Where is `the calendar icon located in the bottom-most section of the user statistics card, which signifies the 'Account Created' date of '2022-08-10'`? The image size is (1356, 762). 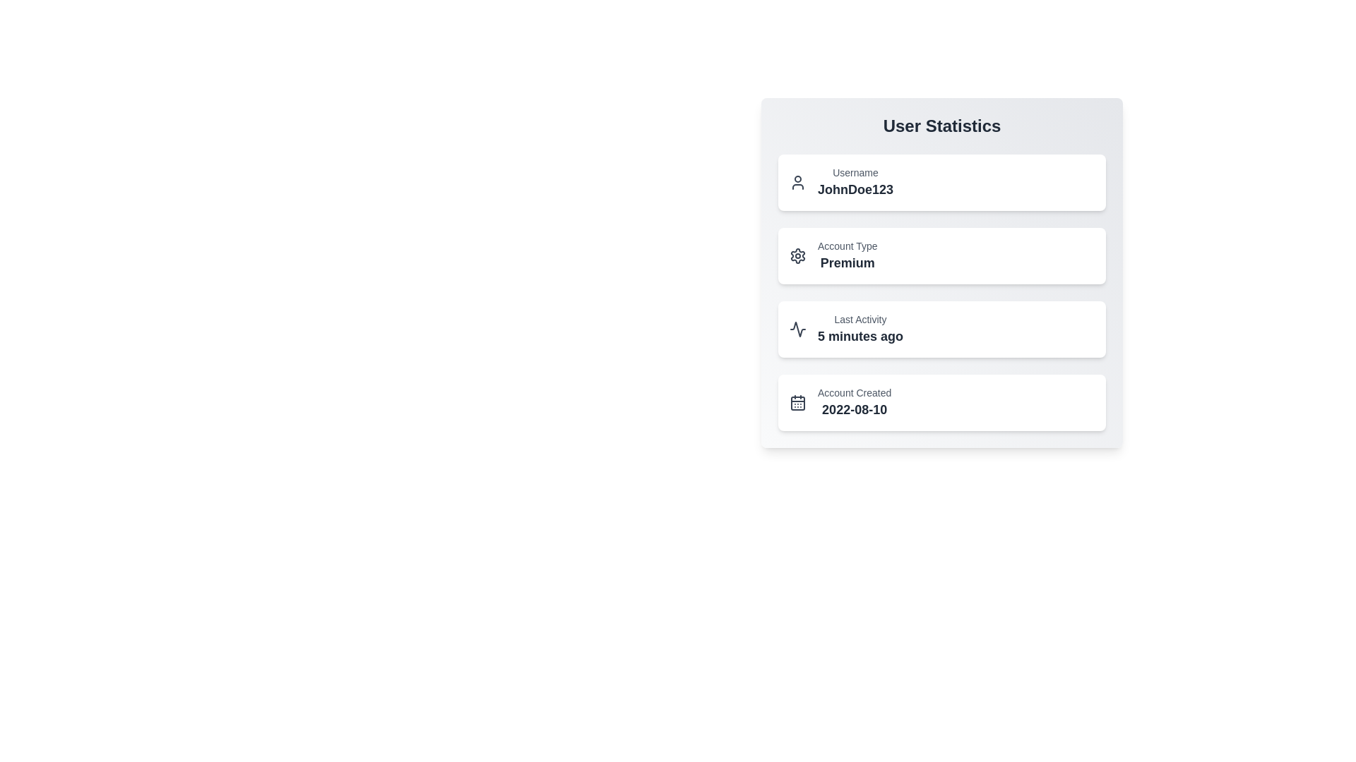 the calendar icon located in the bottom-most section of the user statistics card, which signifies the 'Account Created' date of '2022-08-10' is located at coordinates (797, 402).